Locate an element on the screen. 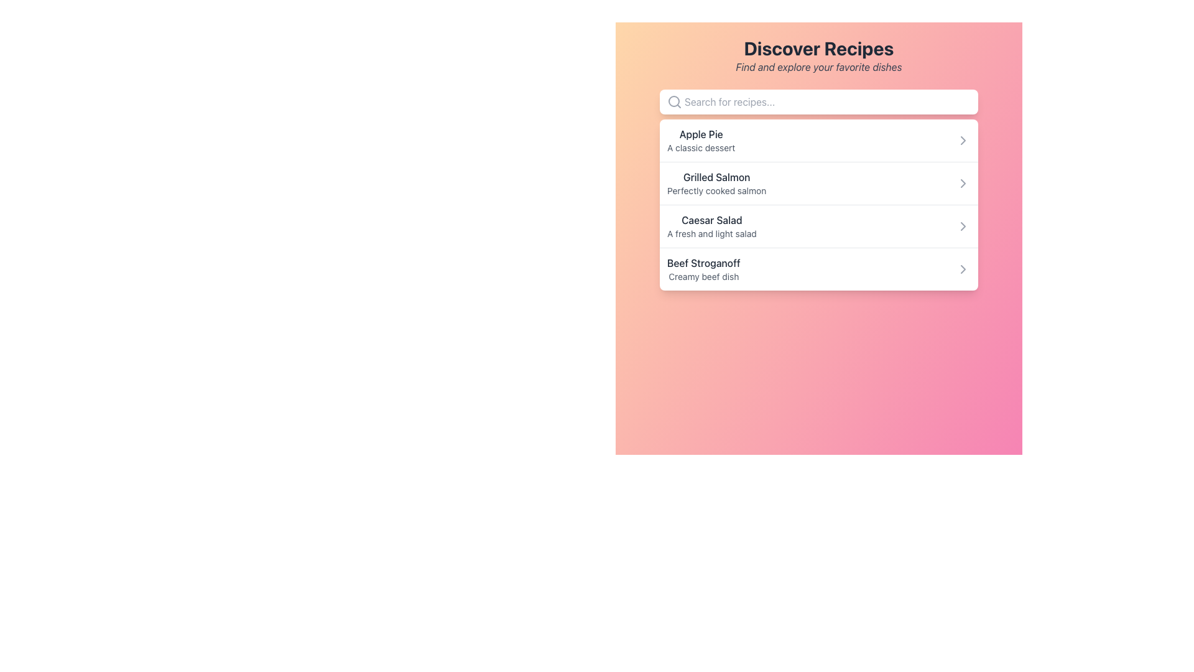 This screenshot has width=1194, height=672. the second list item representing 'Grilled Salmon' is located at coordinates (818, 183).